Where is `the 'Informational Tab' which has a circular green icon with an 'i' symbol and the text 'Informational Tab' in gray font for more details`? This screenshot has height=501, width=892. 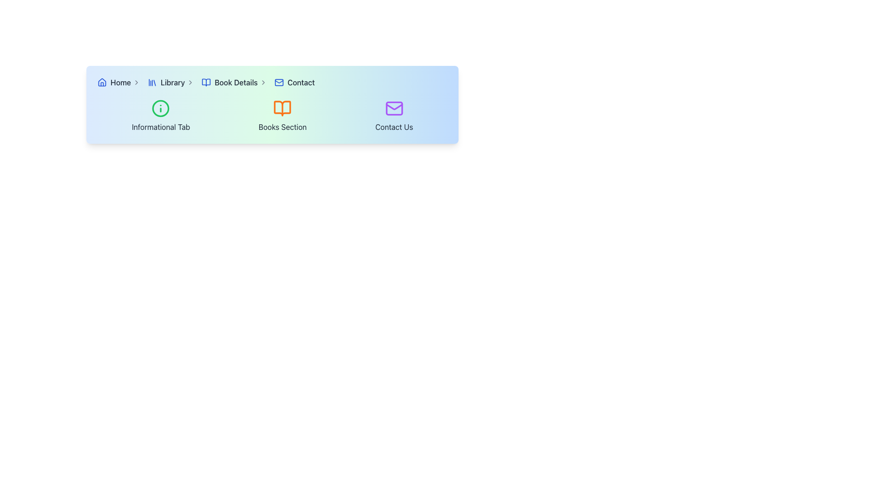 the 'Informational Tab' which has a circular green icon with an 'i' symbol and the text 'Informational Tab' in gray font for more details is located at coordinates (161, 116).